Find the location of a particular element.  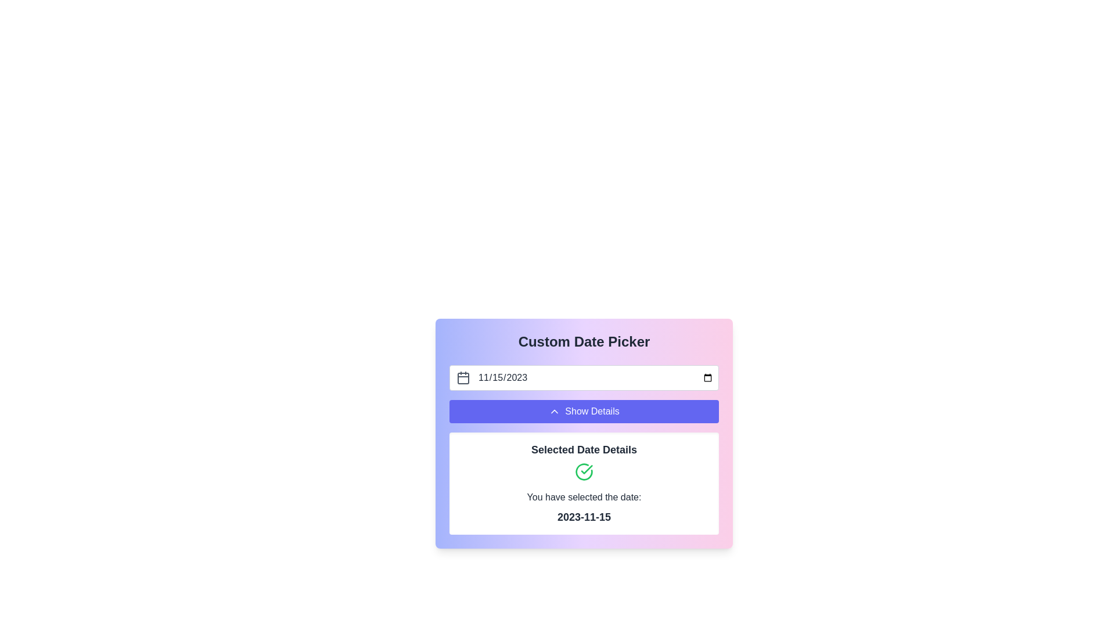

the upward chevron icon indicating collapse or upward navigation is located at coordinates (554, 411).